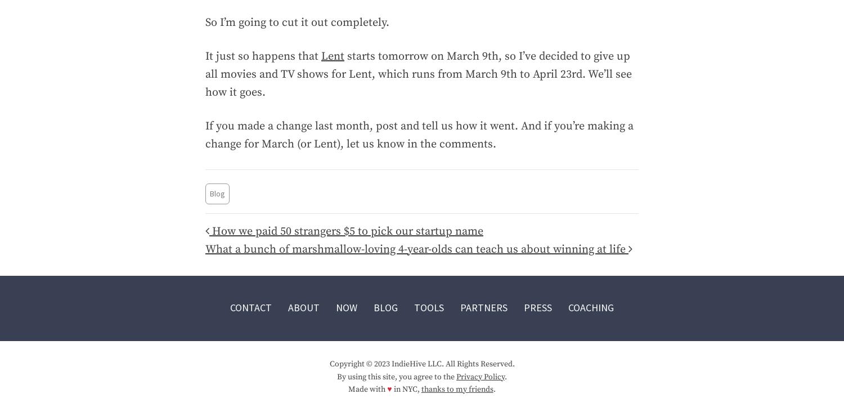 This screenshot has width=844, height=412. Describe the element at coordinates (304, 307) in the screenshot. I see `'About'` at that location.